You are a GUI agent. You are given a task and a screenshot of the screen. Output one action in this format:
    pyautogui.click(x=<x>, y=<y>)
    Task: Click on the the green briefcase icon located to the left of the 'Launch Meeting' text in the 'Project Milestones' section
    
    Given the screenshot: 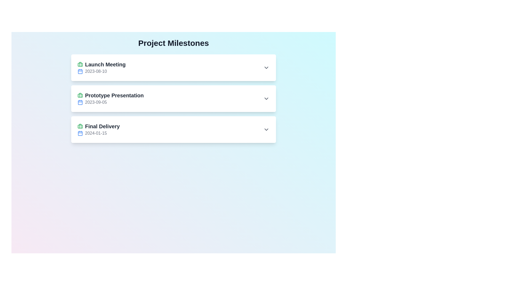 What is the action you would take?
    pyautogui.click(x=80, y=64)
    